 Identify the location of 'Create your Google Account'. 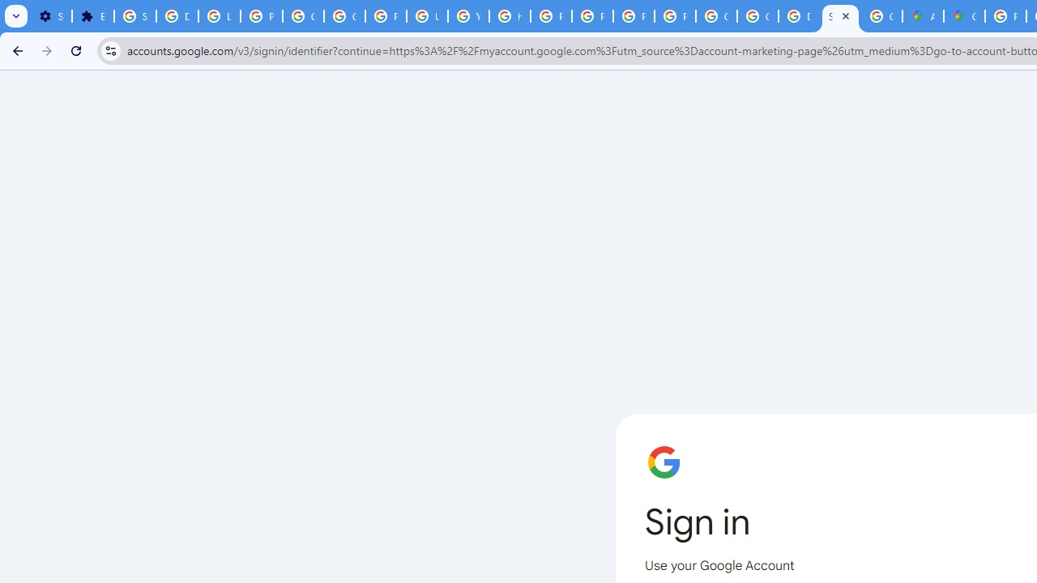
(881, 16).